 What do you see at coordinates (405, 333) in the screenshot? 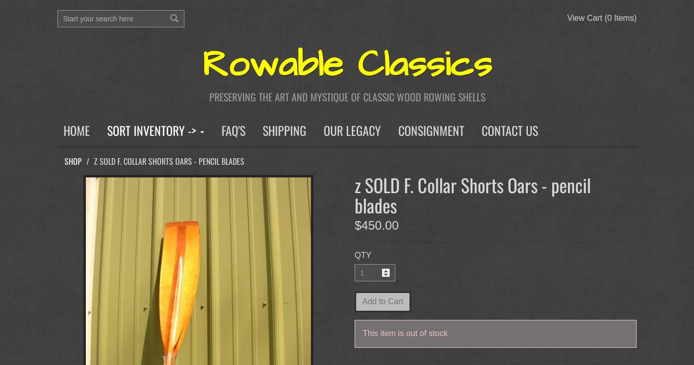
I see `'This item is out of stock'` at bounding box center [405, 333].